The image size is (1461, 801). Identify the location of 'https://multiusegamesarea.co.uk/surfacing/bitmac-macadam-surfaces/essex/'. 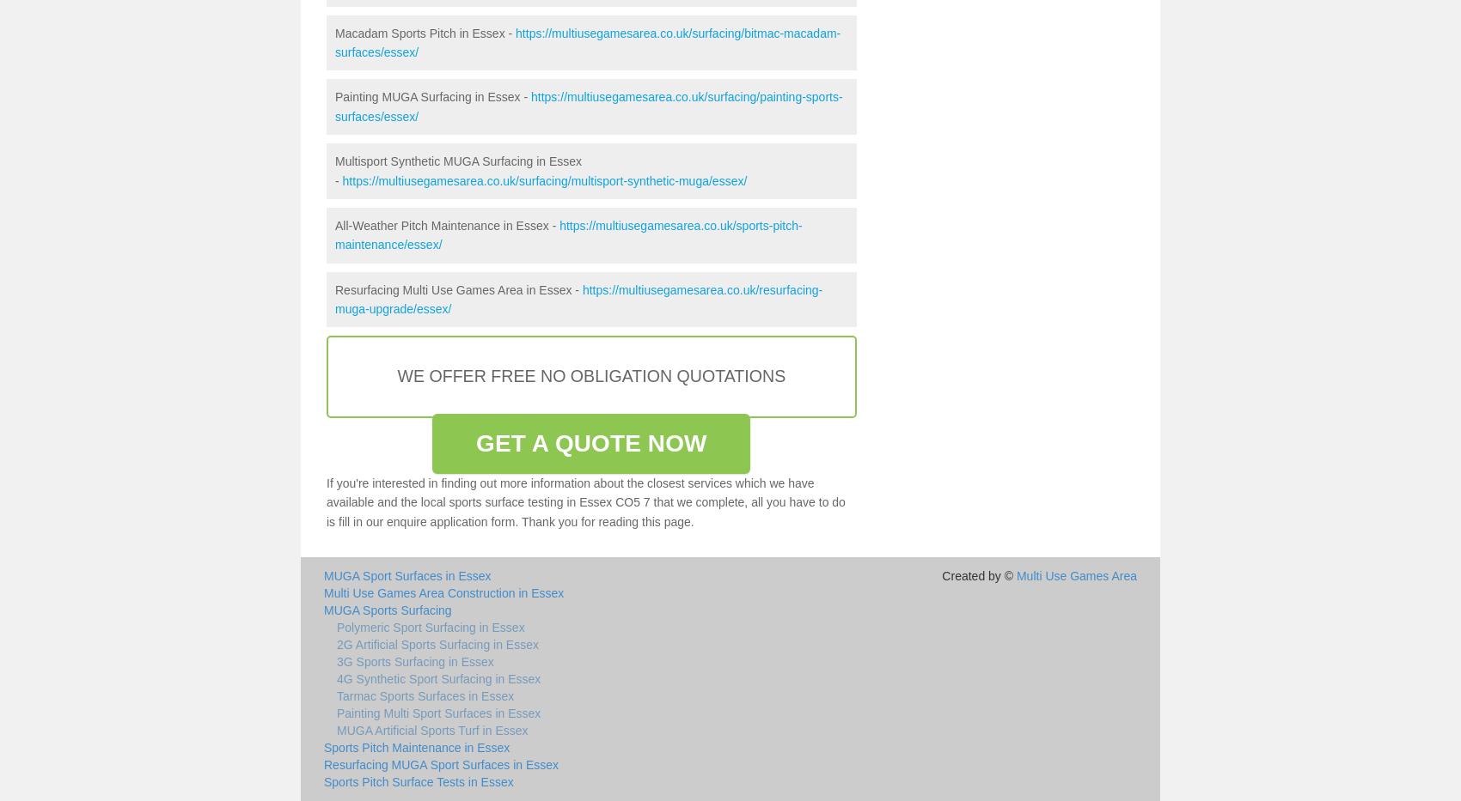
(333, 40).